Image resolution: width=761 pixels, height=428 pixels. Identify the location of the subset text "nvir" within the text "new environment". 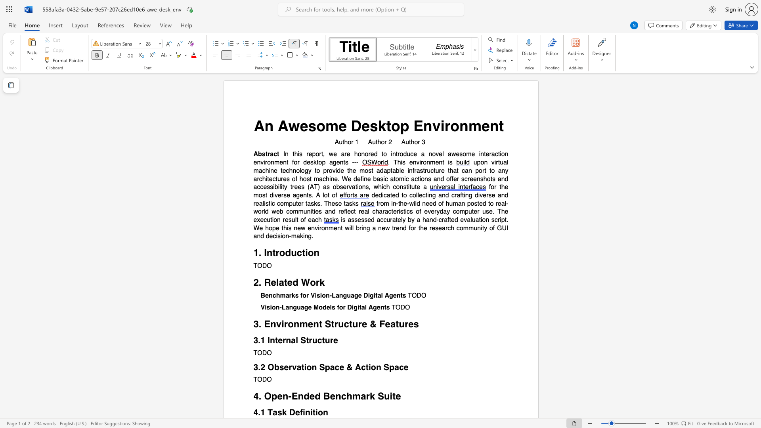
(311, 228).